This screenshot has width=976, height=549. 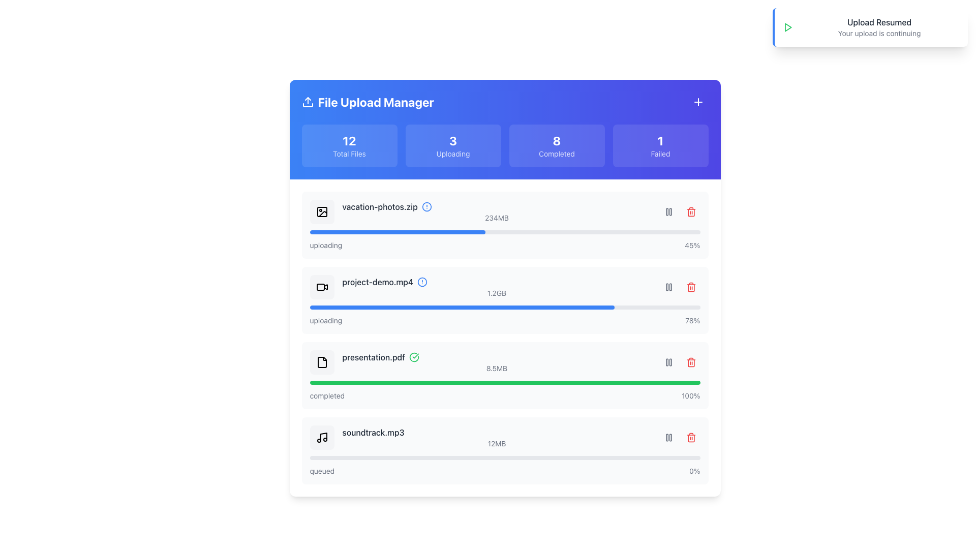 I want to click on the main body of the trash can icon, which signifies a delete action for the associated item in the list, so click(x=691, y=288).